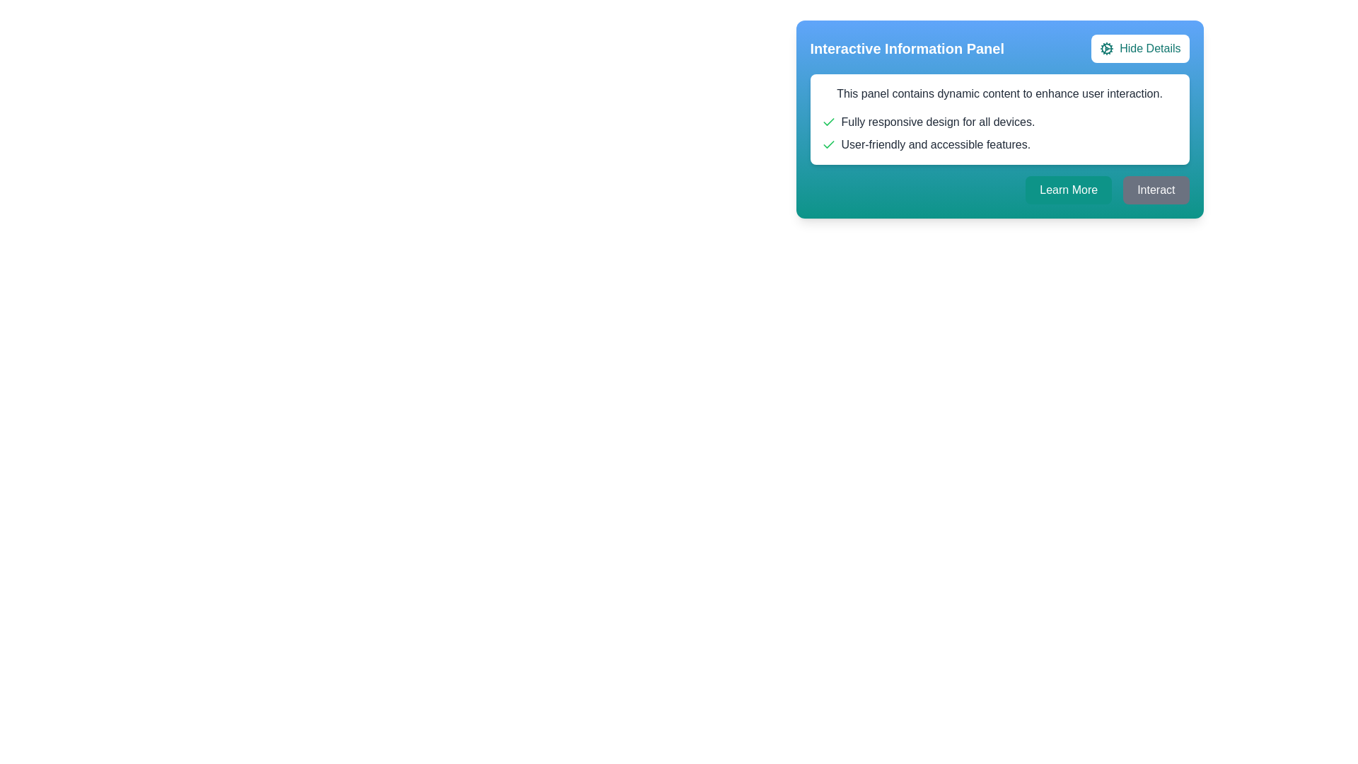 Image resolution: width=1358 pixels, height=764 pixels. Describe the element at coordinates (999, 93) in the screenshot. I see `the text block displaying 'This panel contains dynamic content to enhance user interaction.' which is positioned at the top of a white-background panel` at that location.